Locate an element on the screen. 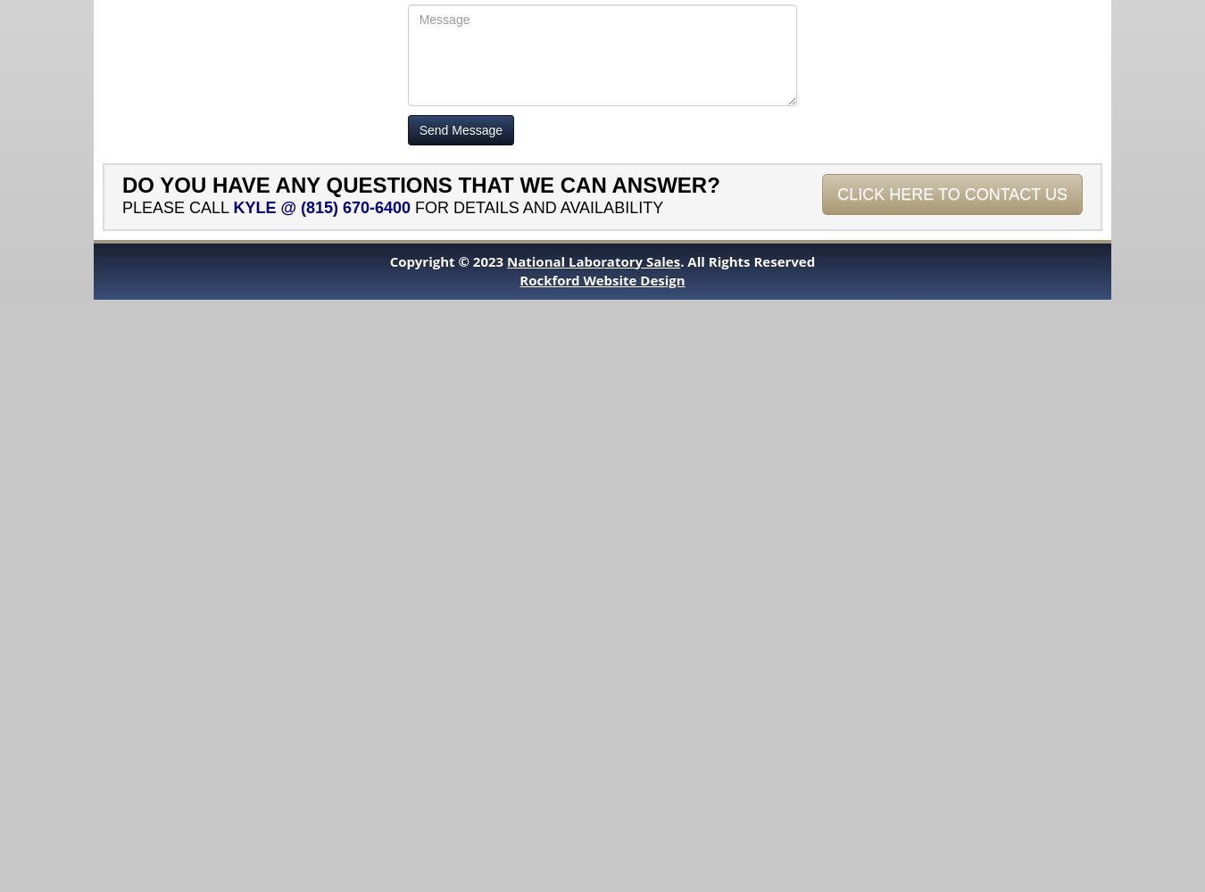 This screenshot has height=892, width=1205. 'Please call' is located at coordinates (177, 206).